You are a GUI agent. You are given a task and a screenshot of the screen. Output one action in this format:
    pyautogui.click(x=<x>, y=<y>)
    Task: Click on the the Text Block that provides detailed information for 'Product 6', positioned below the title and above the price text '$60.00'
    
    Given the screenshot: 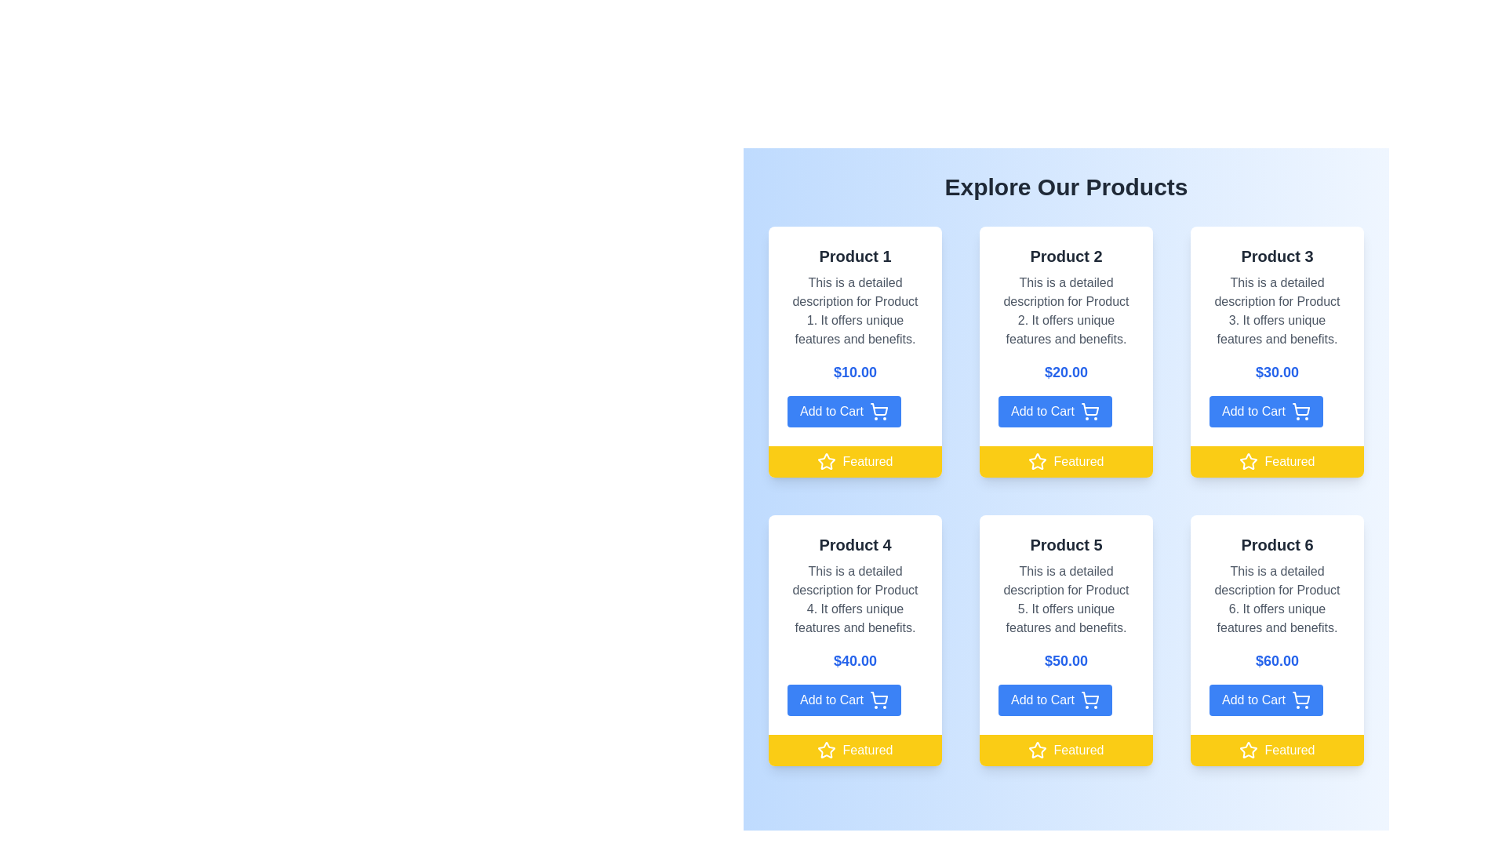 What is the action you would take?
    pyautogui.click(x=1277, y=599)
    